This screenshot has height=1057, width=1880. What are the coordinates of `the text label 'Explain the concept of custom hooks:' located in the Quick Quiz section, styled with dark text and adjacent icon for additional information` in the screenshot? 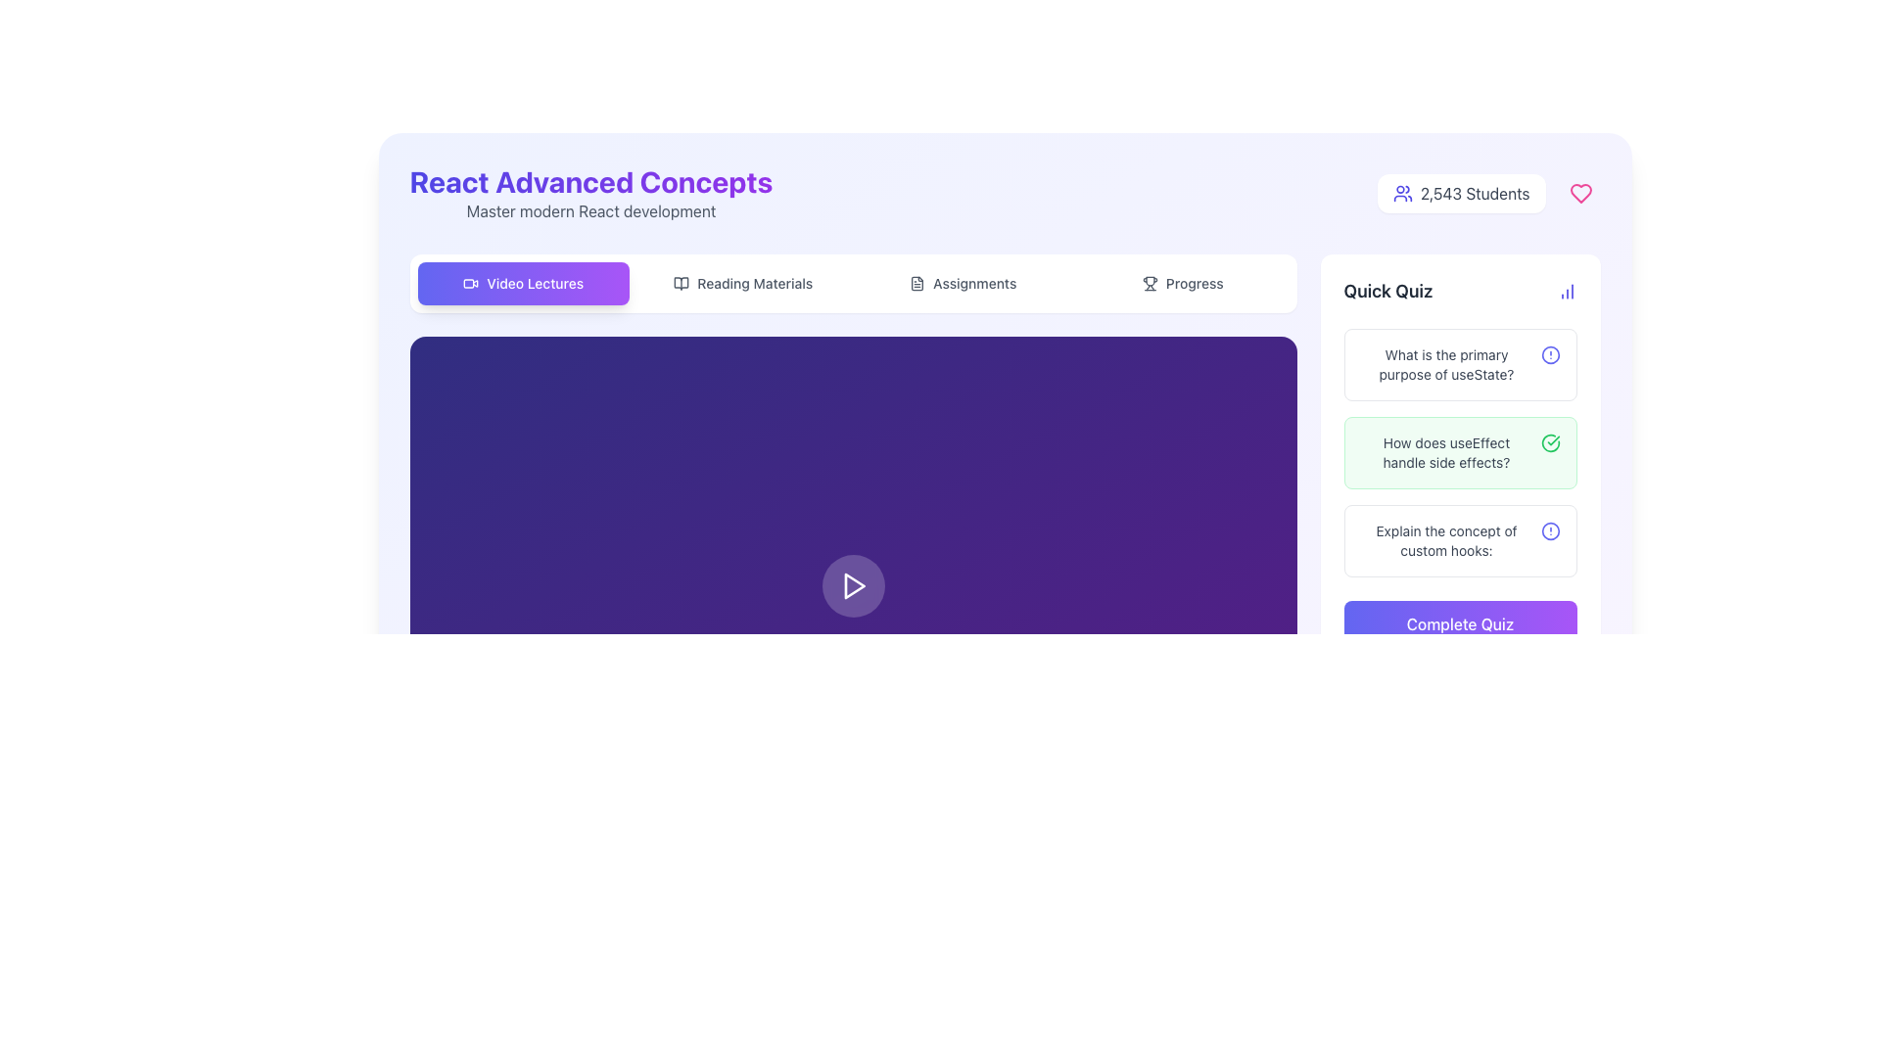 It's located at (1460, 540).